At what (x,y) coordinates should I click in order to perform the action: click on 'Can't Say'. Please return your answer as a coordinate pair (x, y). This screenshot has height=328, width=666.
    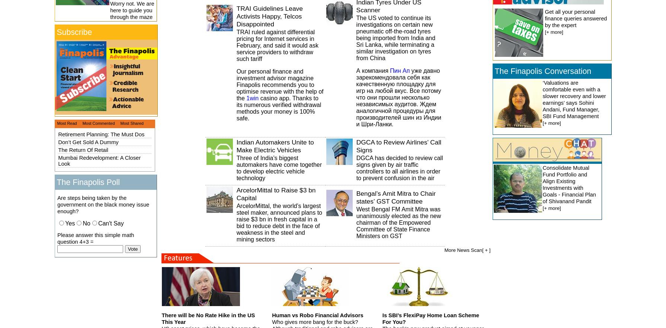
    Looking at the image, I should click on (111, 223).